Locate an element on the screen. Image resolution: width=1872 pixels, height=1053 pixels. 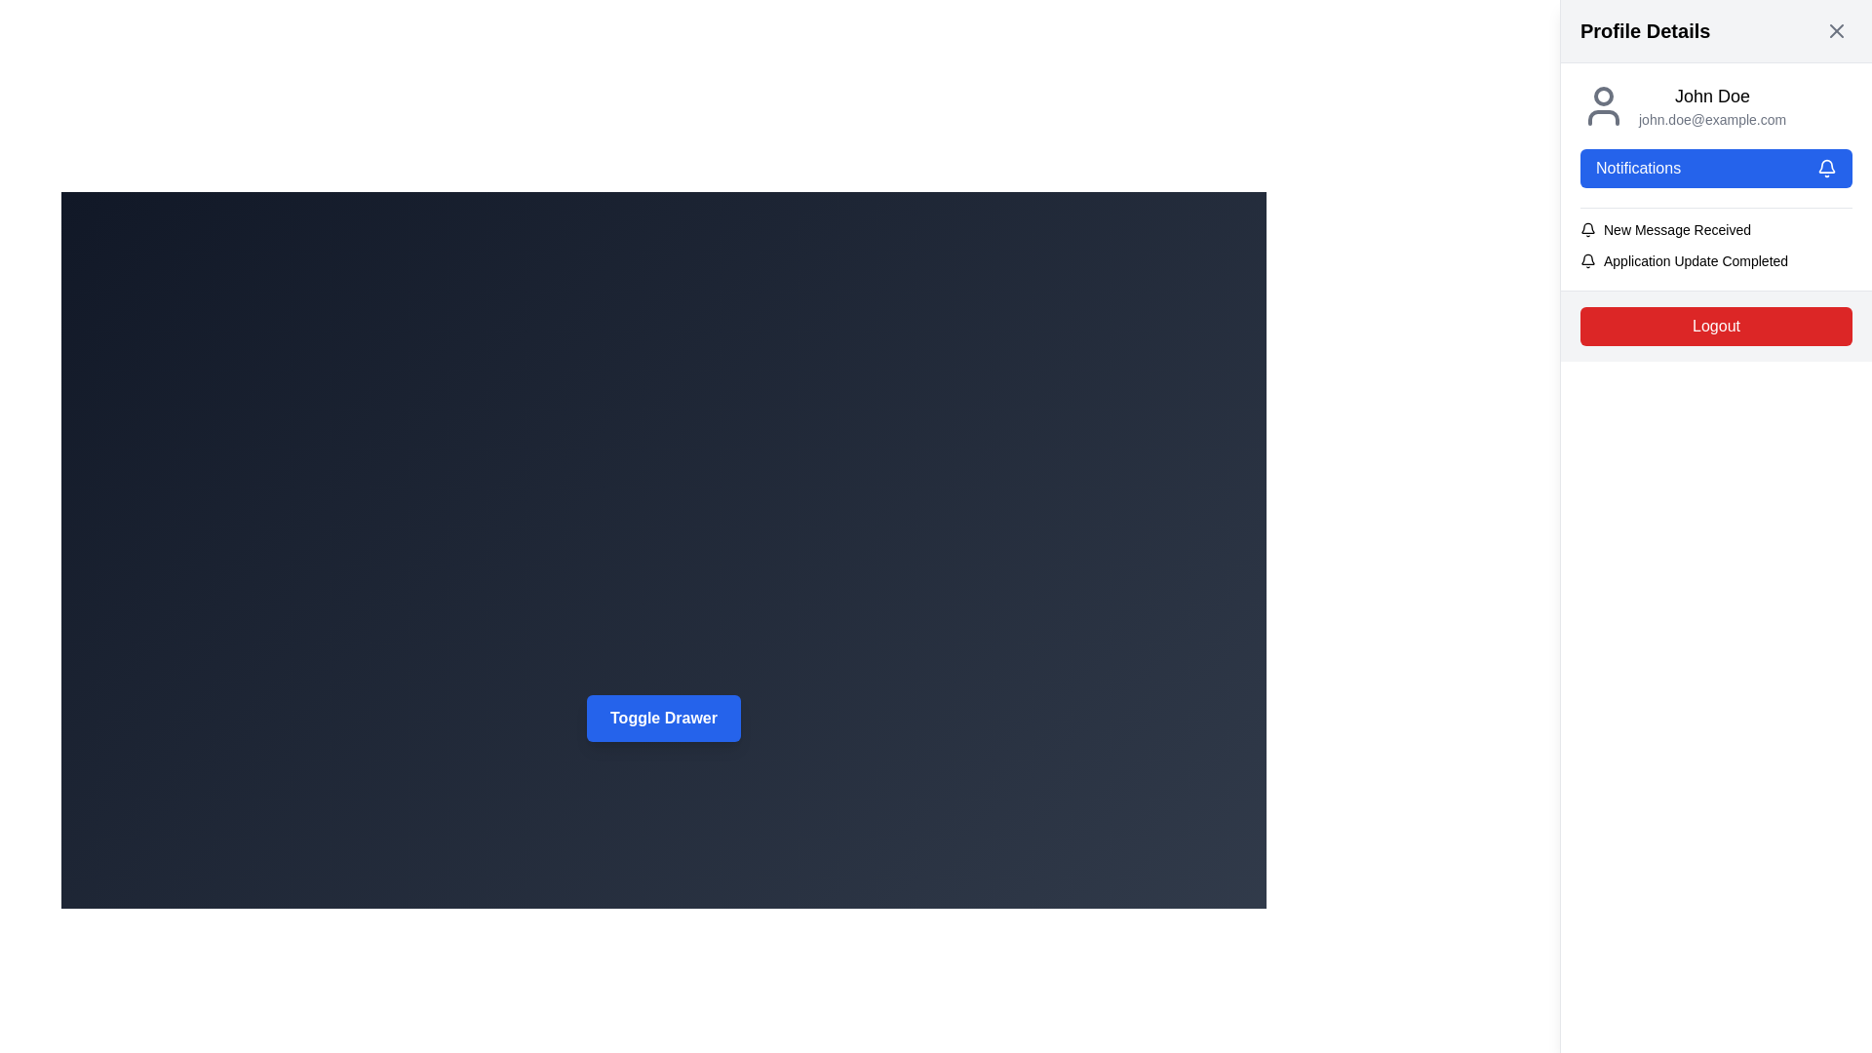
the bell-shaped icon located beneath the 'Notifications' label in the right sidebar is located at coordinates (1587, 227).